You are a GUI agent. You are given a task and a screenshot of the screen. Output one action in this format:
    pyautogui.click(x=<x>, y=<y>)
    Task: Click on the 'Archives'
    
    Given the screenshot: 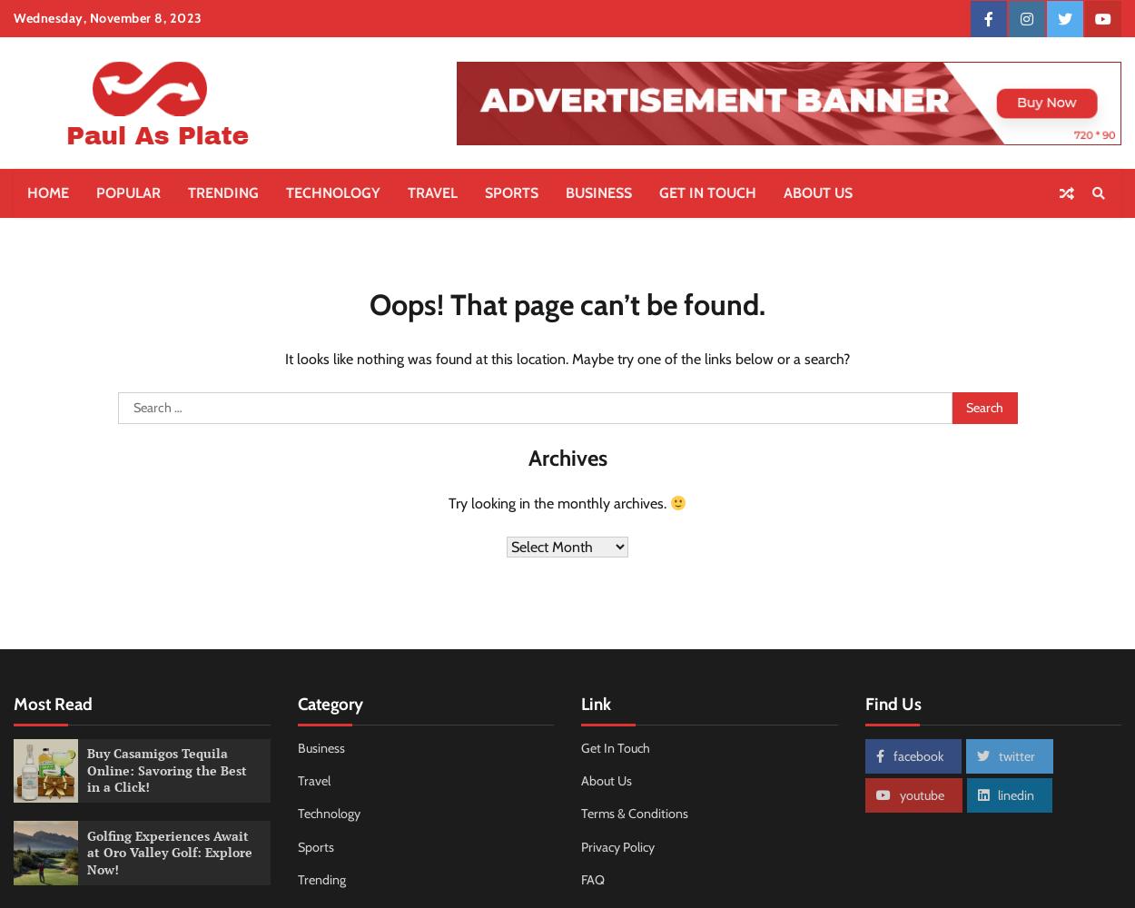 What is the action you would take?
    pyautogui.click(x=566, y=458)
    